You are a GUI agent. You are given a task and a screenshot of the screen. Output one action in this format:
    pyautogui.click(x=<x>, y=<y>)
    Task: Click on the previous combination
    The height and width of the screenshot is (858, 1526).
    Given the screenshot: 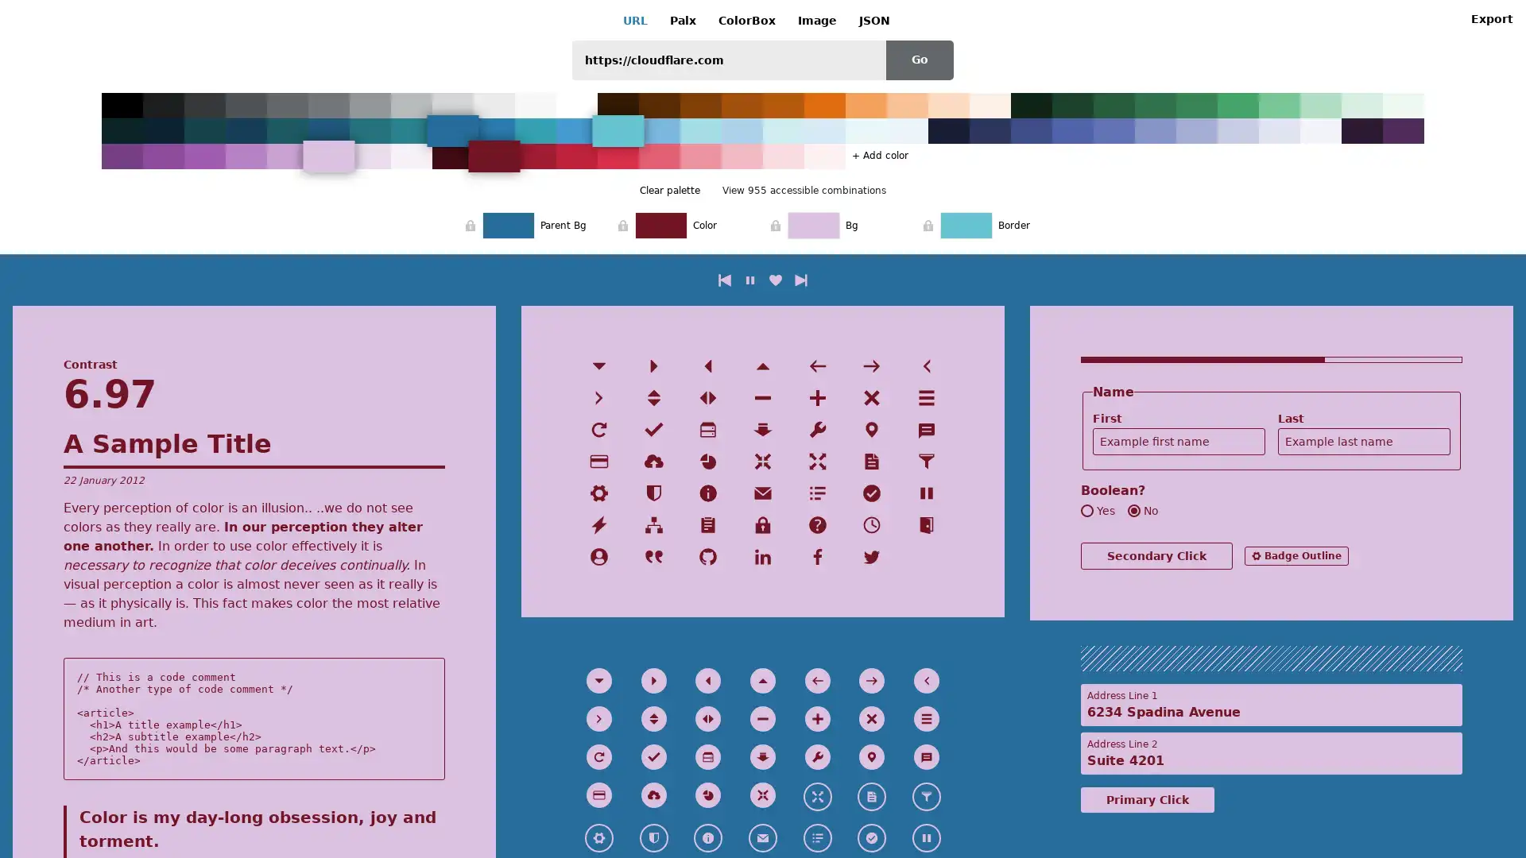 What is the action you would take?
    pyautogui.click(x=724, y=278)
    